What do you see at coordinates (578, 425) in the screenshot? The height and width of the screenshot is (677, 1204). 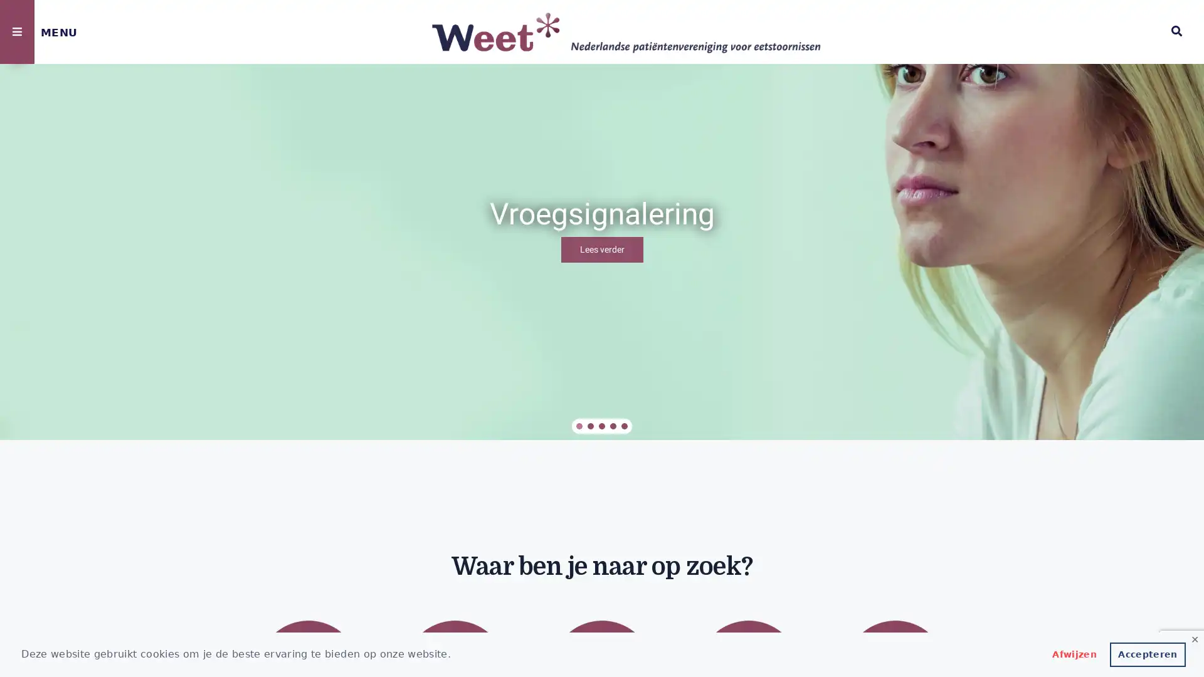 I see `Vroegsignalering` at bounding box center [578, 425].